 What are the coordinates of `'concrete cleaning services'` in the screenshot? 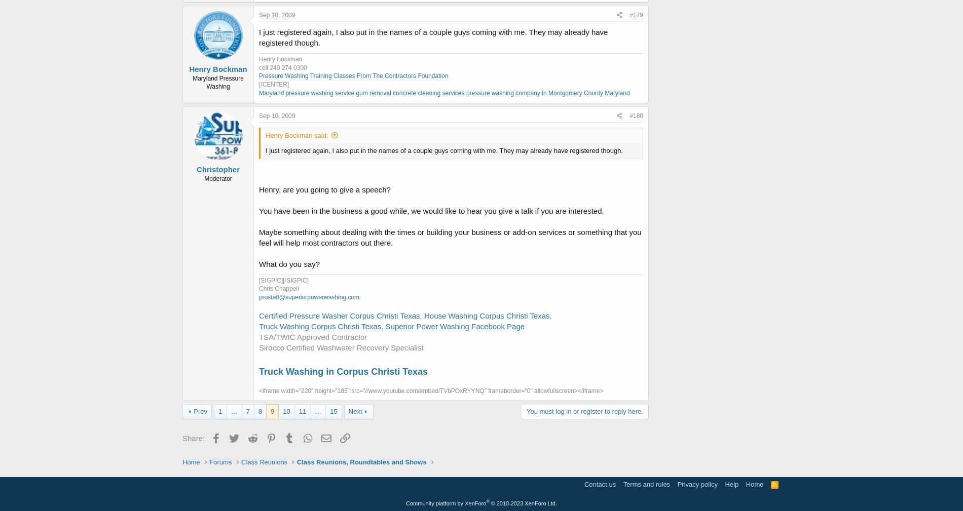 It's located at (428, 93).